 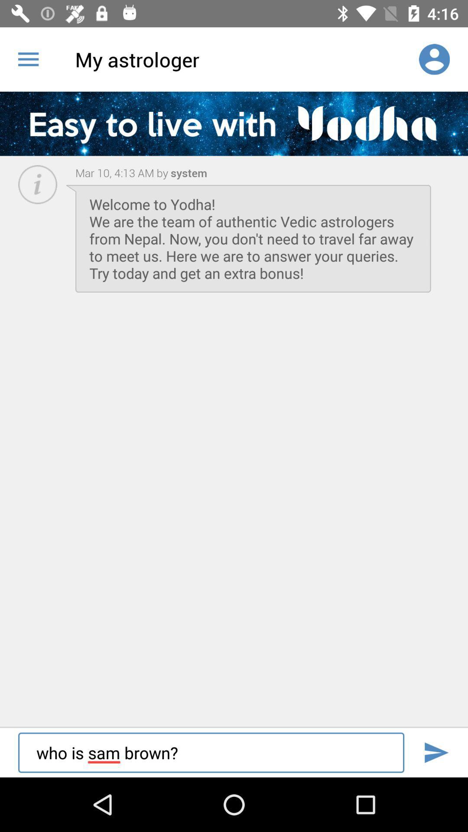 I want to click on the item to the right of mar 10 4 item, so click(x=187, y=172).